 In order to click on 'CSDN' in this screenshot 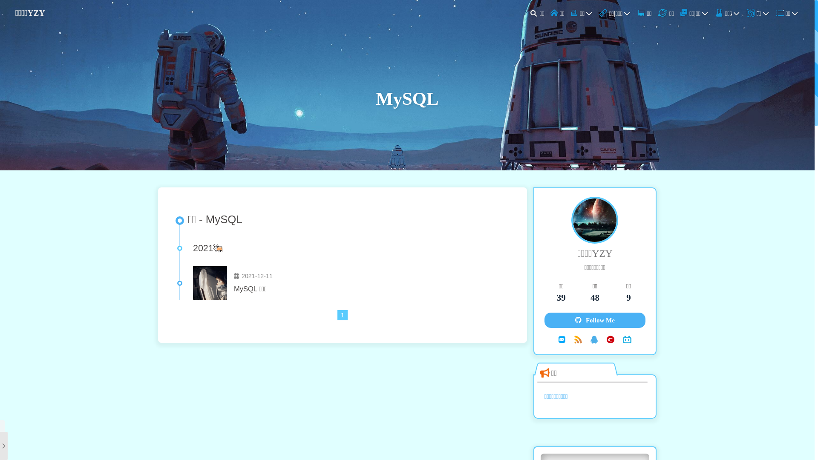, I will do `click(610, 339)`.